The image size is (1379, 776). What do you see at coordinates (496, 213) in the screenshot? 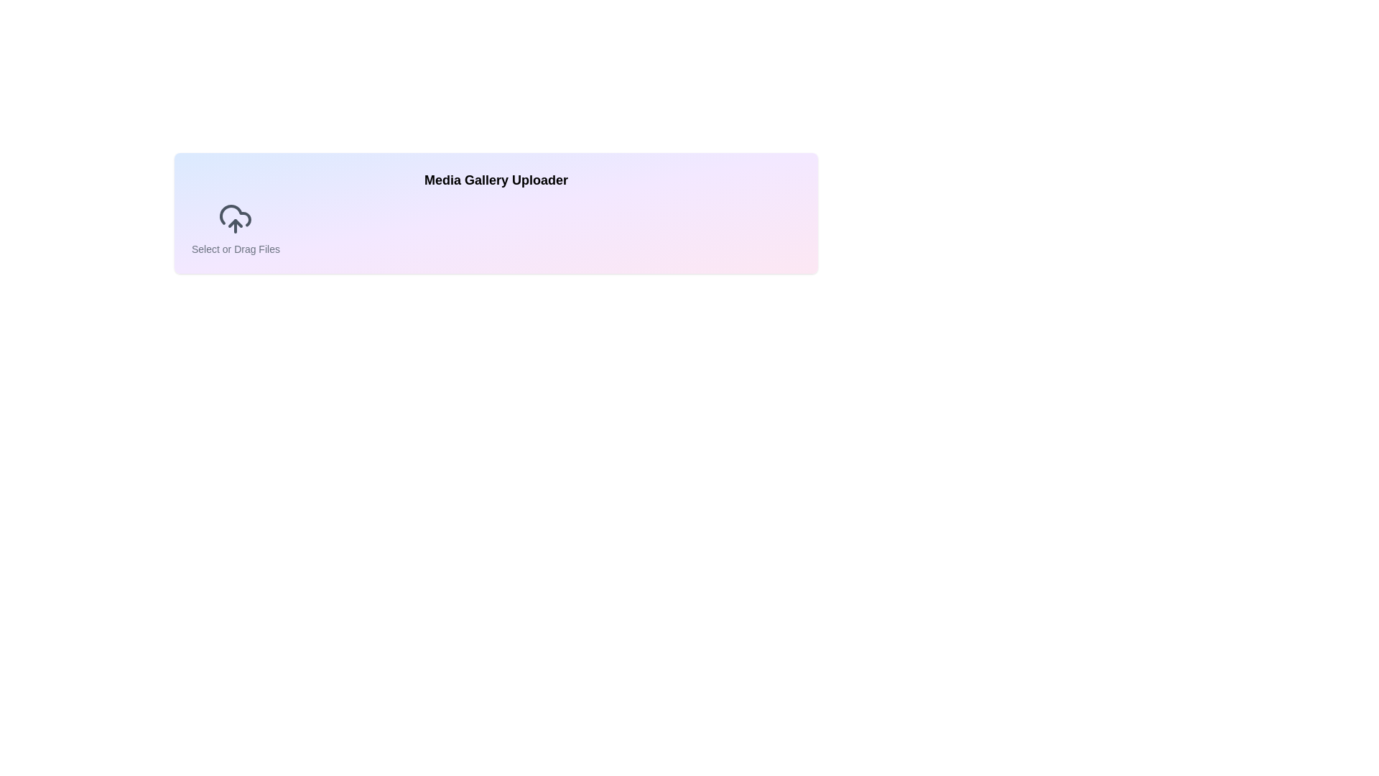
I see `the File Upload Panel, which is a large rectangular section in the center of the interface used for file uploads` at bounding box center [496, 213].